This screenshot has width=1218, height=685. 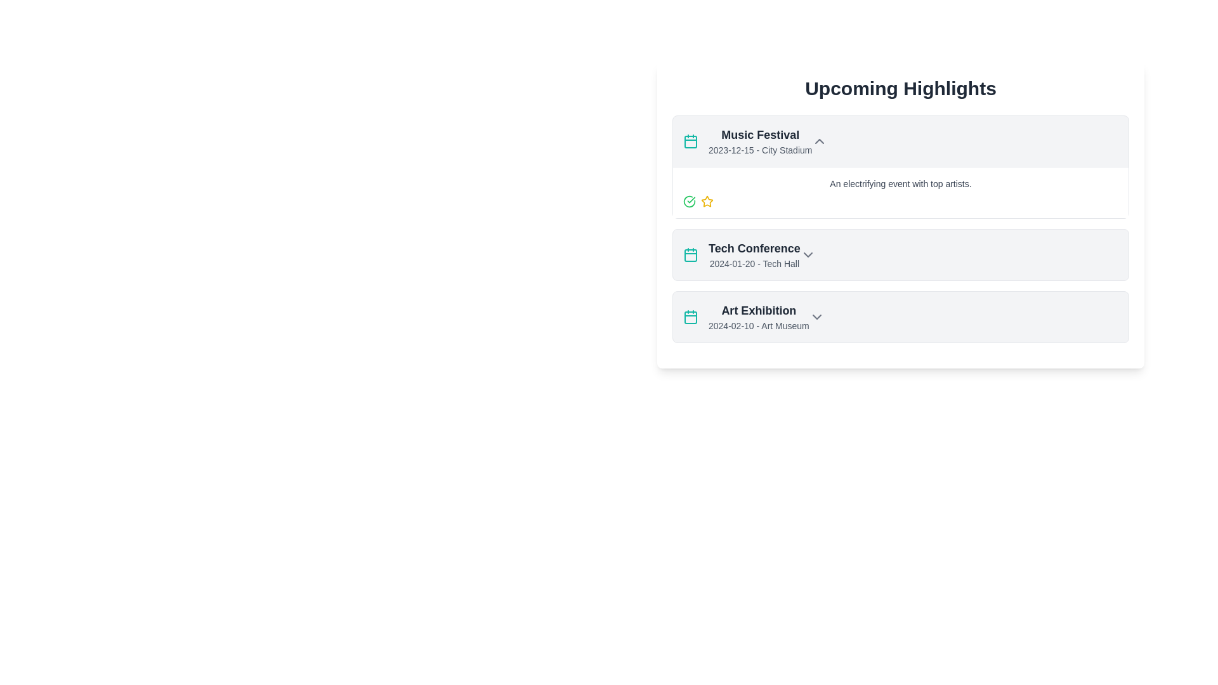 I want to click on the text label titled 'Music Festival', which is positioned at the top of the first event entry in the upcoming events list, so click(x=760, y=134).